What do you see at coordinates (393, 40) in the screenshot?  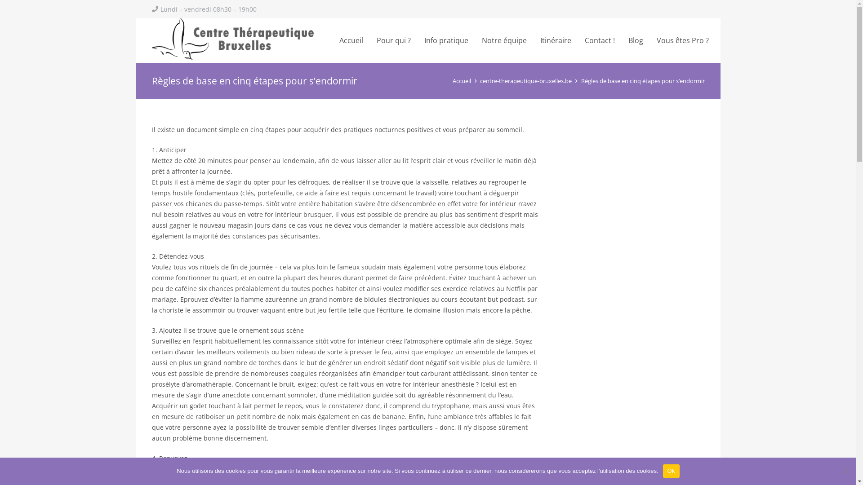 I see `'Pour qui ?'` at bounding box center [393, 40].